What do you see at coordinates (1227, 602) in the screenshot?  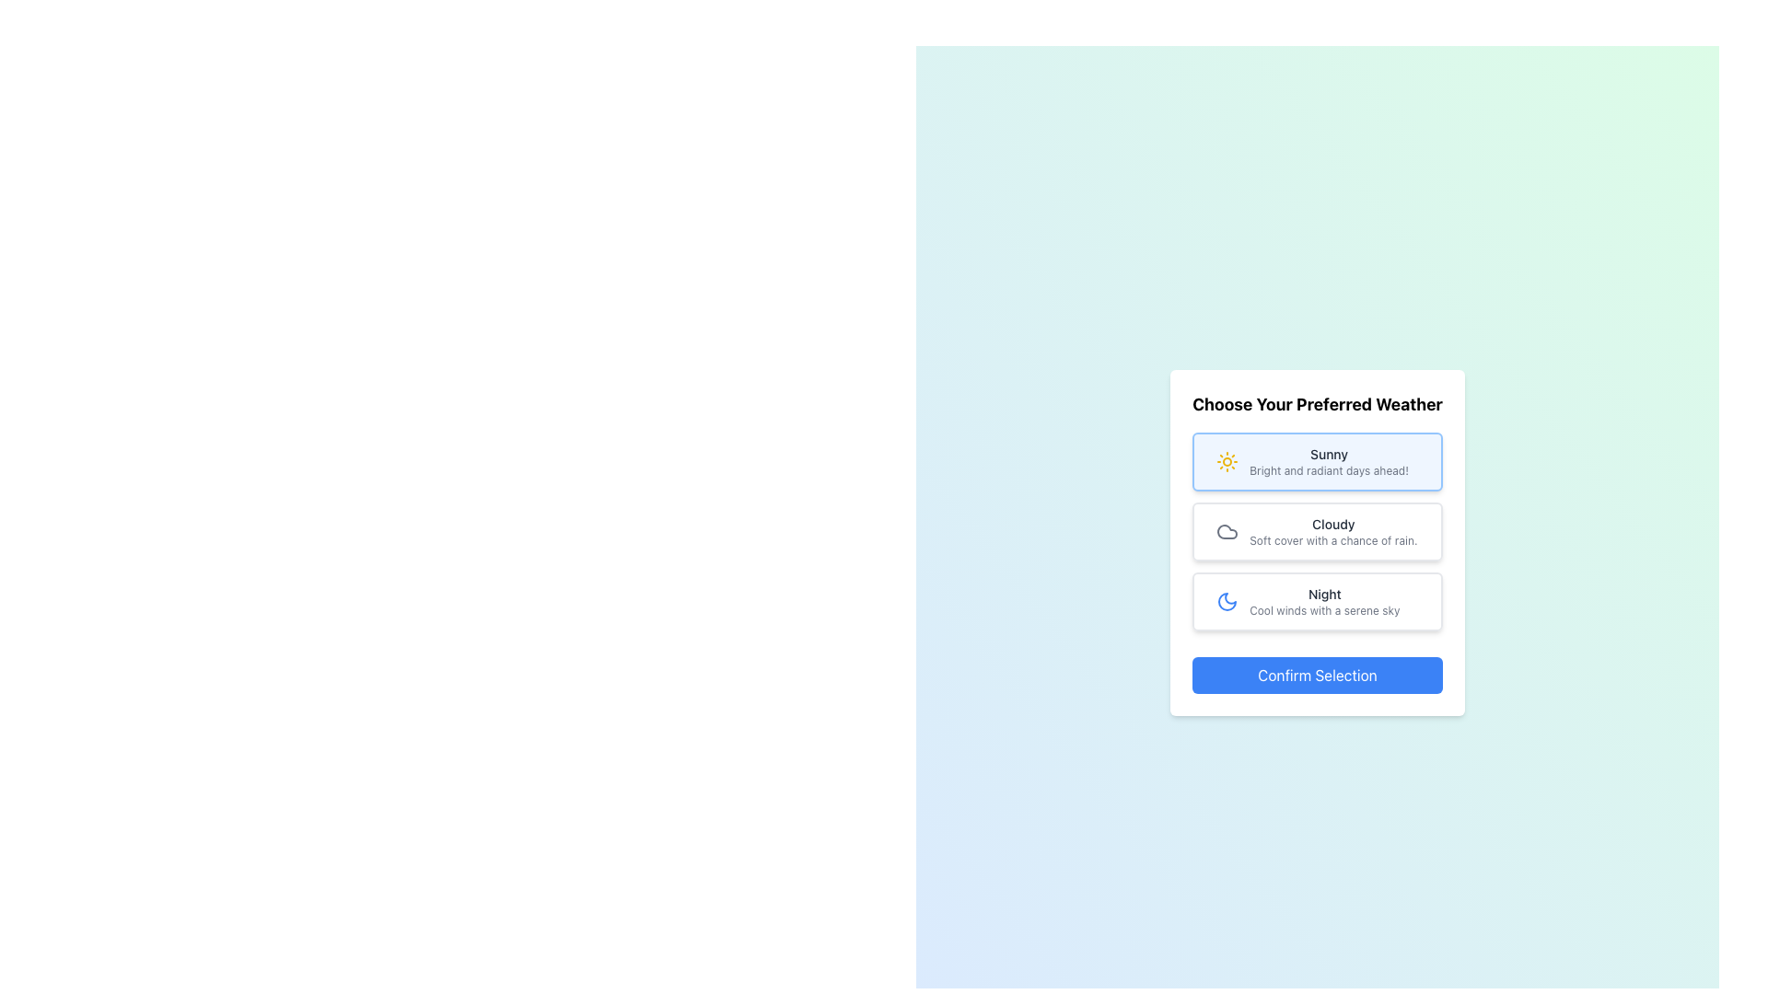 I see `the crescent moon icon within the 'Night' option group` at bounding box center [1227, 602].